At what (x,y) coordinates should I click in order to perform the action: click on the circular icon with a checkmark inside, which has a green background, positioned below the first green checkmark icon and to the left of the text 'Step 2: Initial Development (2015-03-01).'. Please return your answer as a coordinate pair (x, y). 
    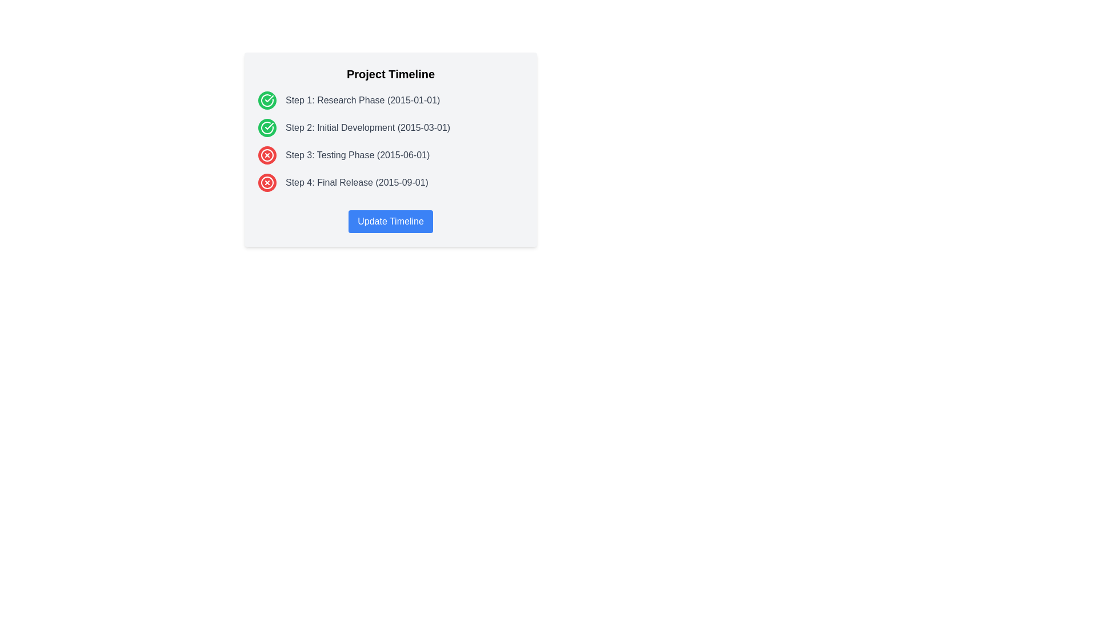
    Looking at the image, I should click on (266, 127).